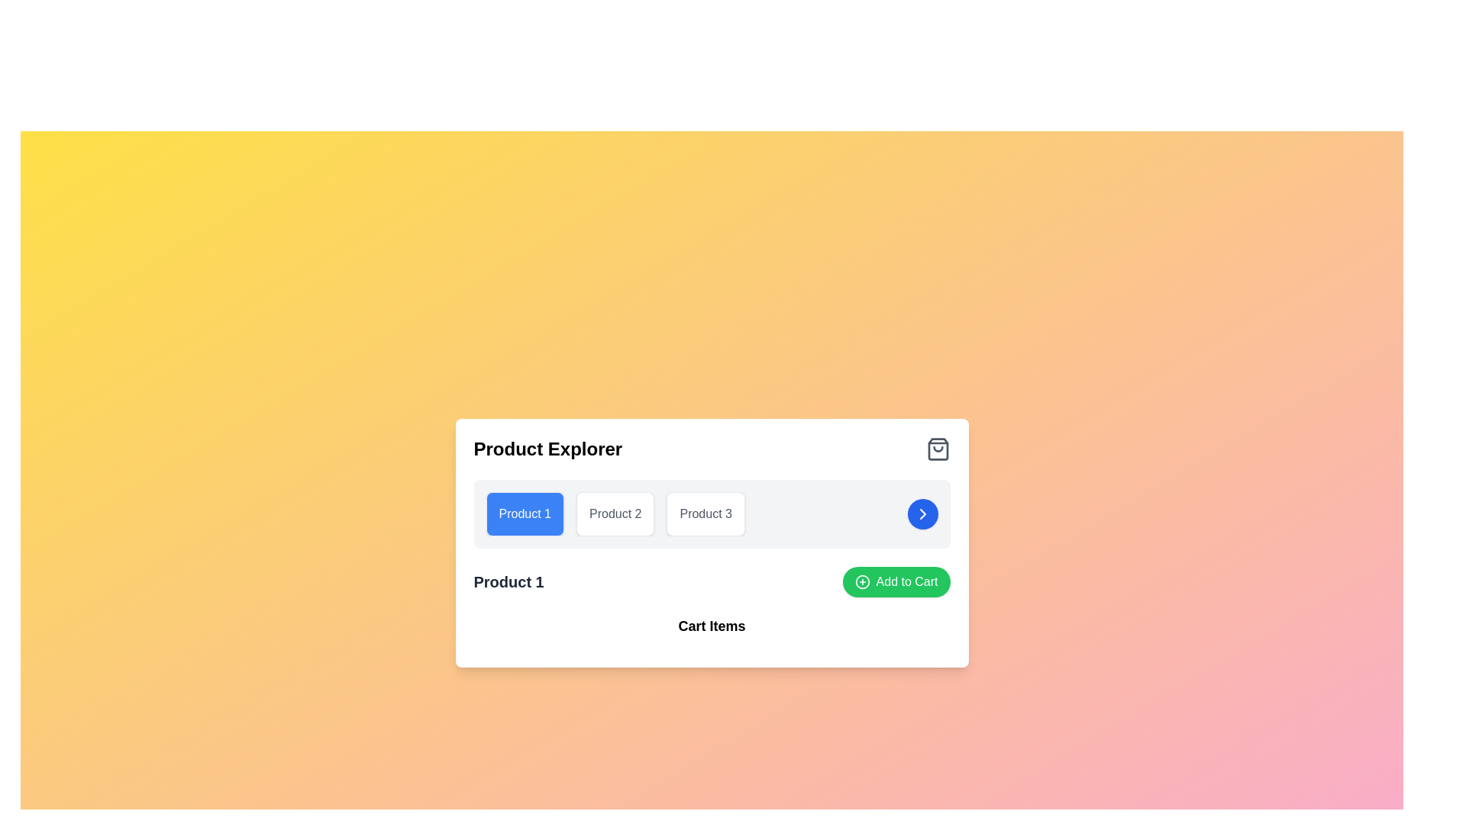 This screenshot has width=1466, height=824. I want to click on the shopping cart icon located at the top-right corner of the 'Product Explorer' section, so click(937, 449).